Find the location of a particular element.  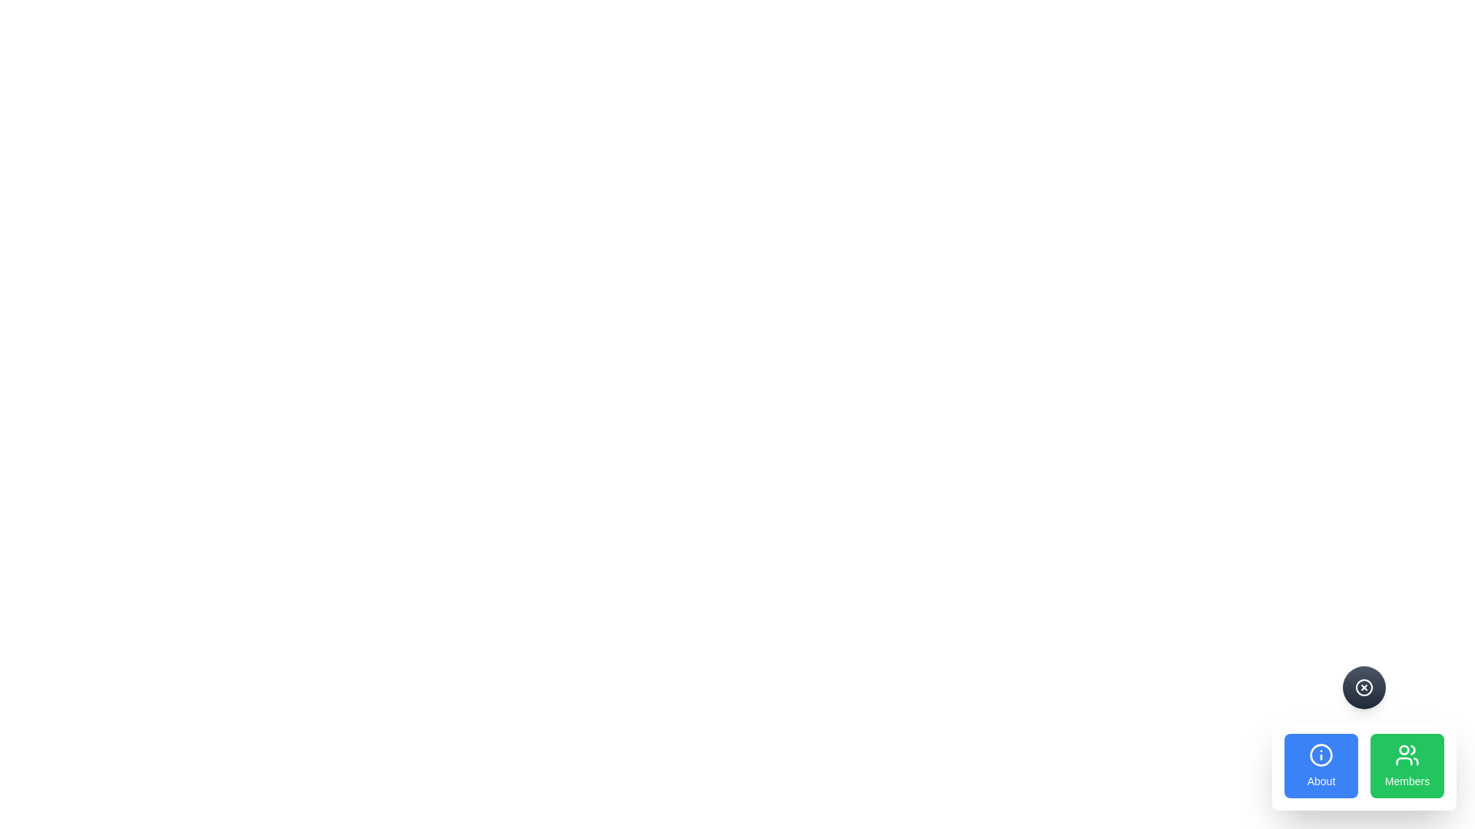

the circular button icon that signifies a closing action or an error notification is located at coordinates (1364, 686).